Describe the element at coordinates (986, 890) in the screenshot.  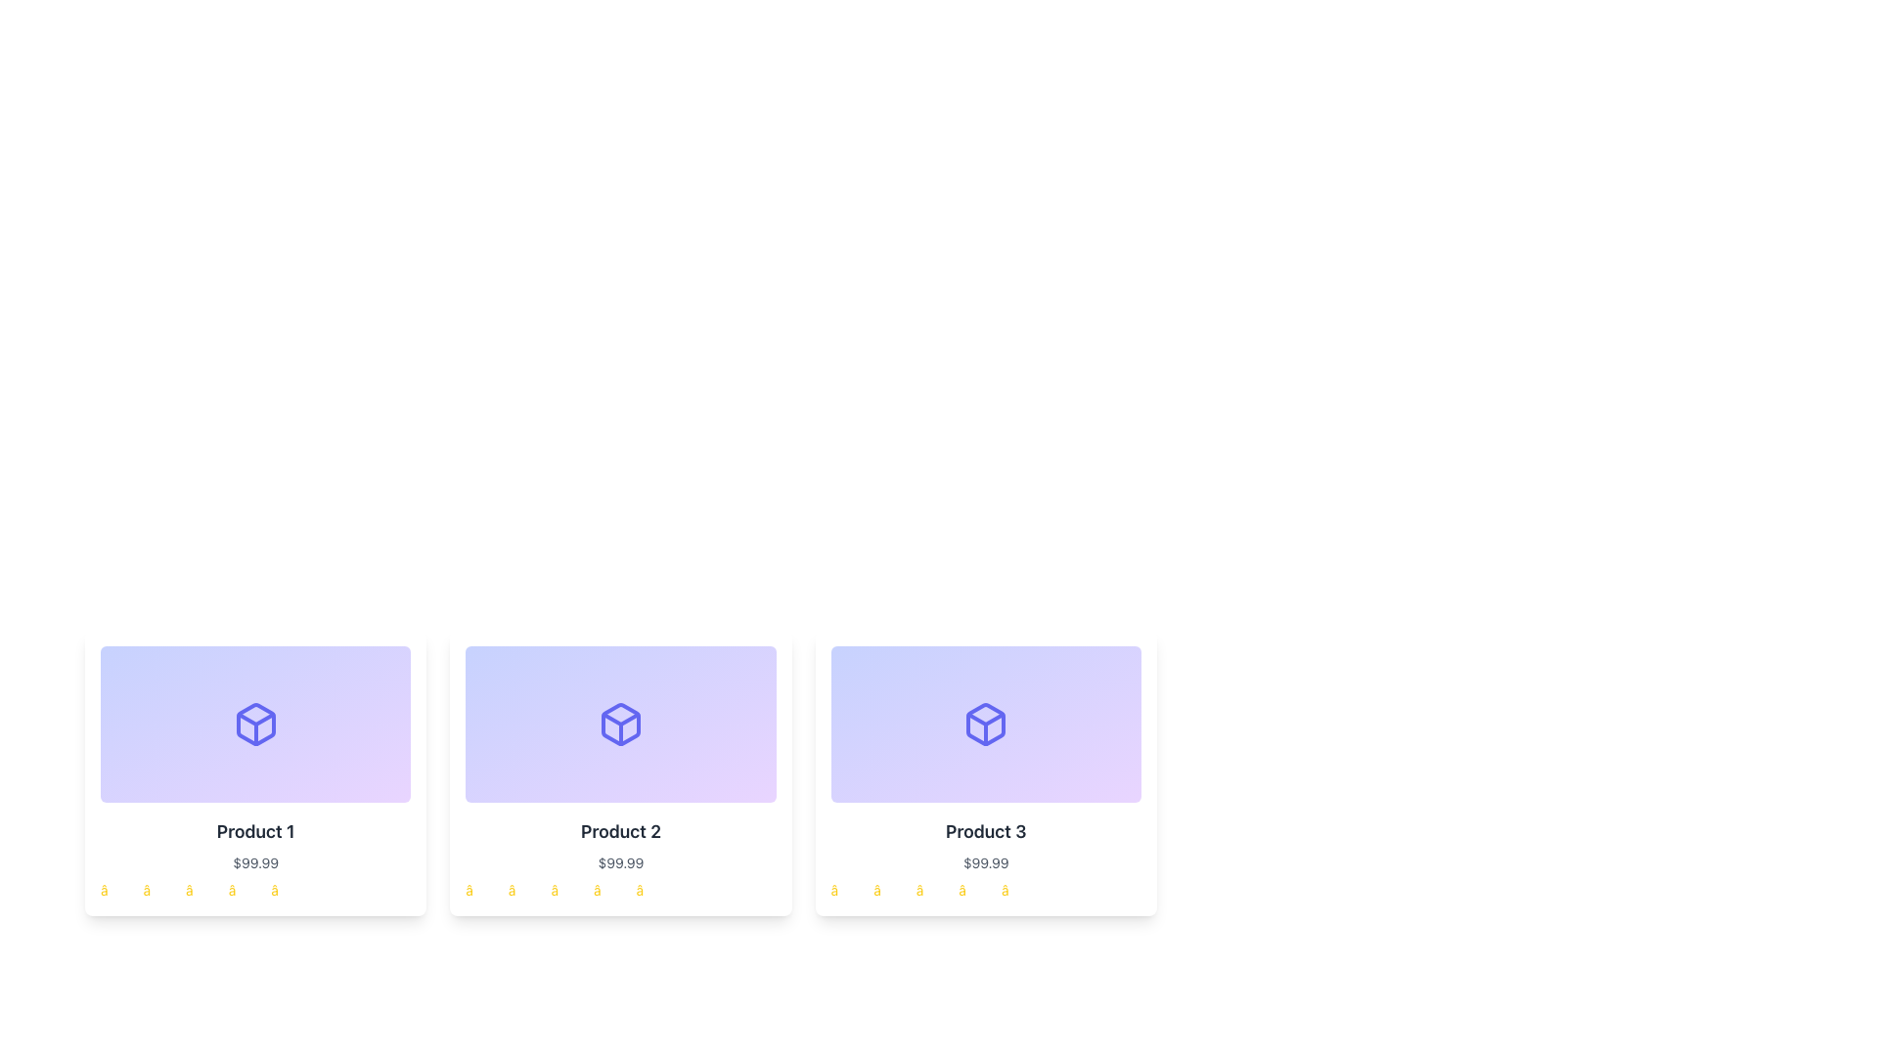
I see `a star in the rating section of the 'Product 3' card to indicate your product rating` at that location.